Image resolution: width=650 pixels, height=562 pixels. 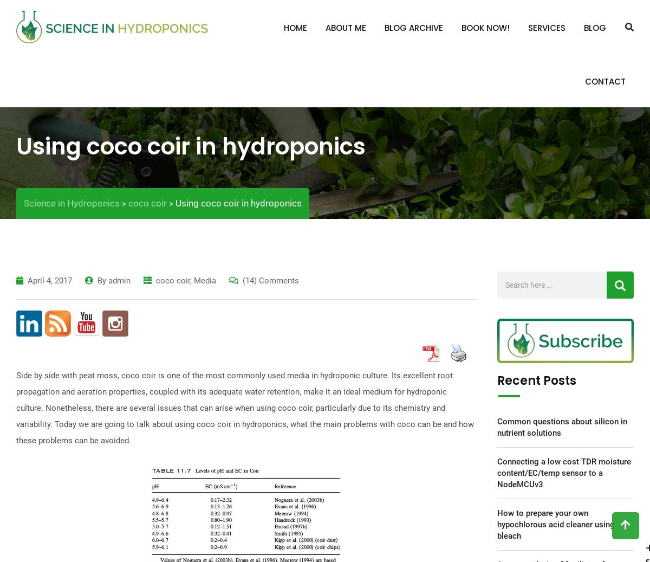 What do you see at coordinates (50, 280) in the screenshot?
I see `'April 4, 2017'` at bounding box center [50, 280].